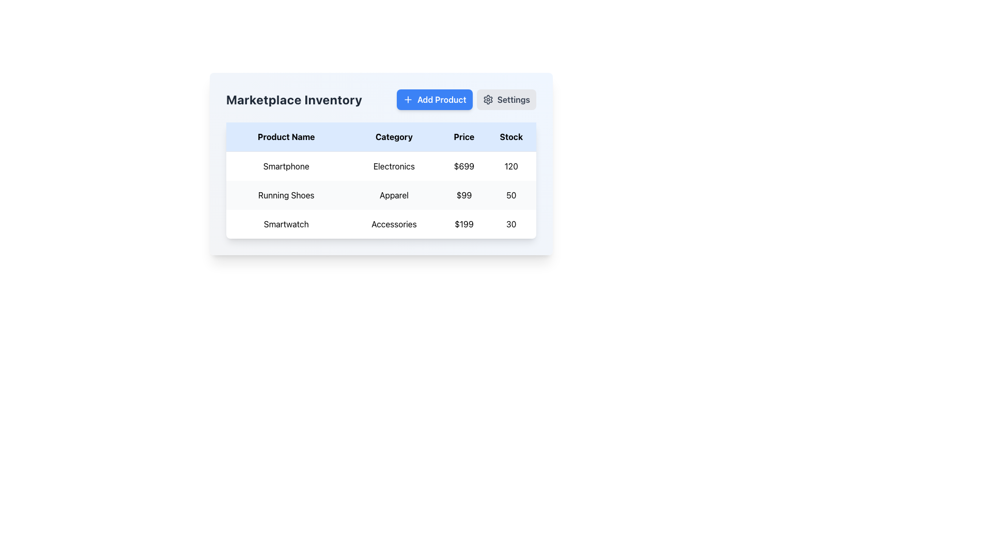 This screenshot has height=558, width=992. Describe the element at coordinates (381, 165) in the screenshot. I see `the first row` at that location.